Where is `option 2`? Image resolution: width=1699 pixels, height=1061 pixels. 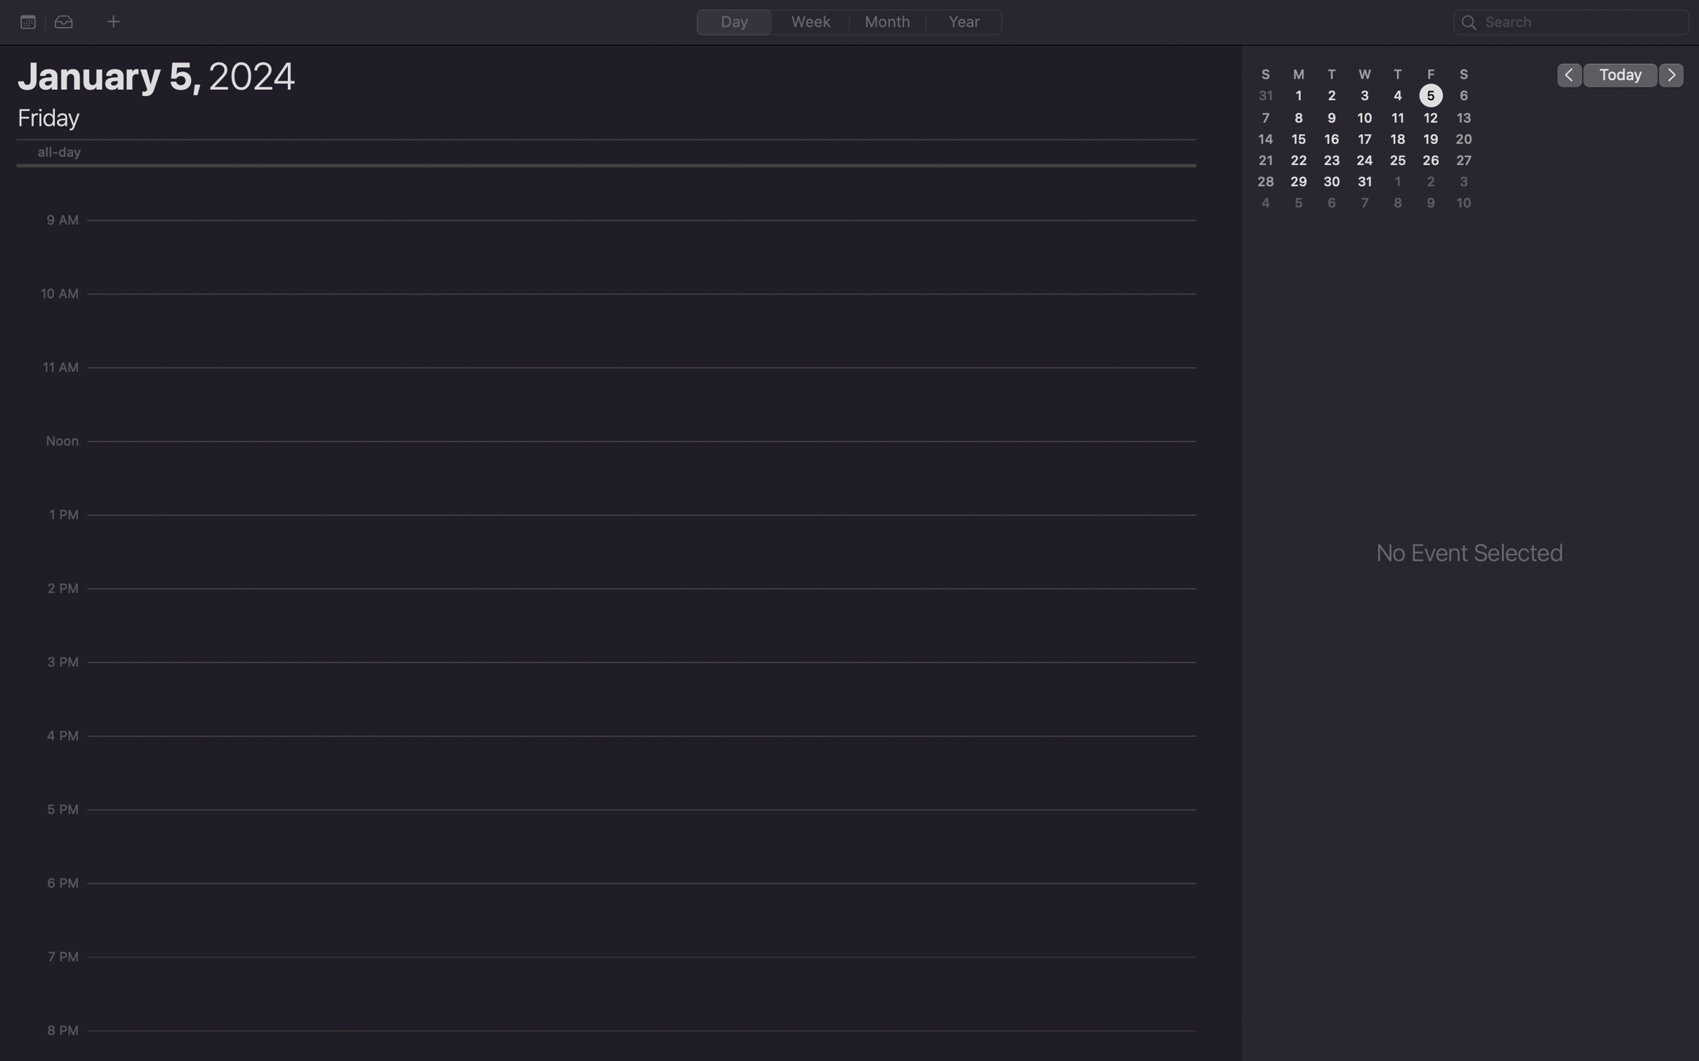
option 2 is located at coordinates (64, 22).